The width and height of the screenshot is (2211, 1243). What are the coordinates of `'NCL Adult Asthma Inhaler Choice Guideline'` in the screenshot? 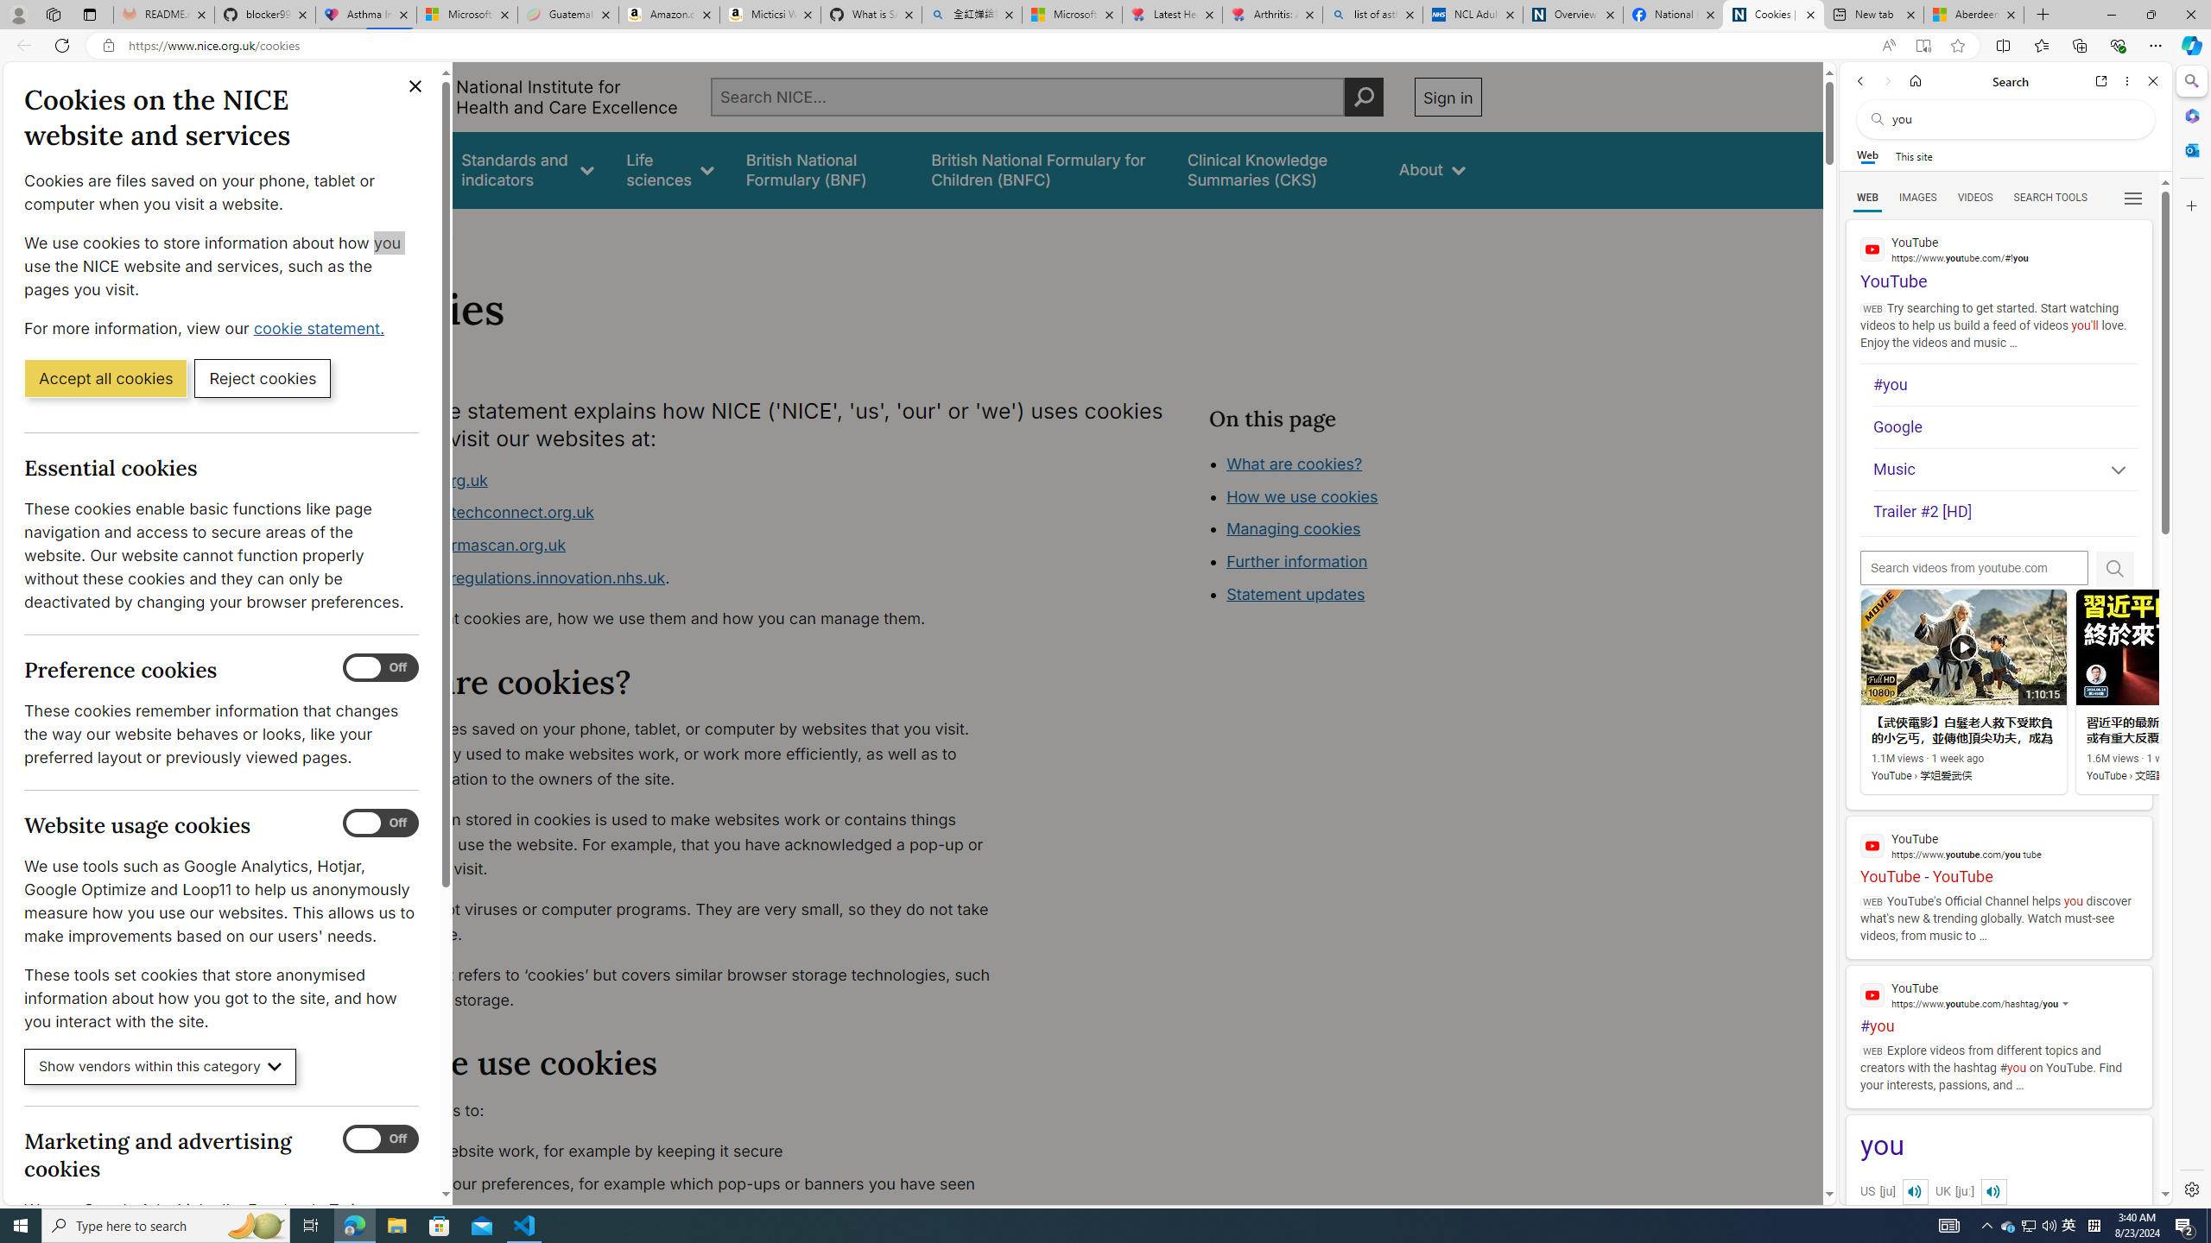 It's located at (1471, 14).